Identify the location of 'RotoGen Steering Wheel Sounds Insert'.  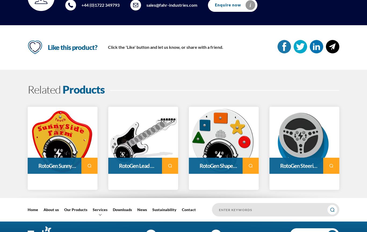
(280, 166).